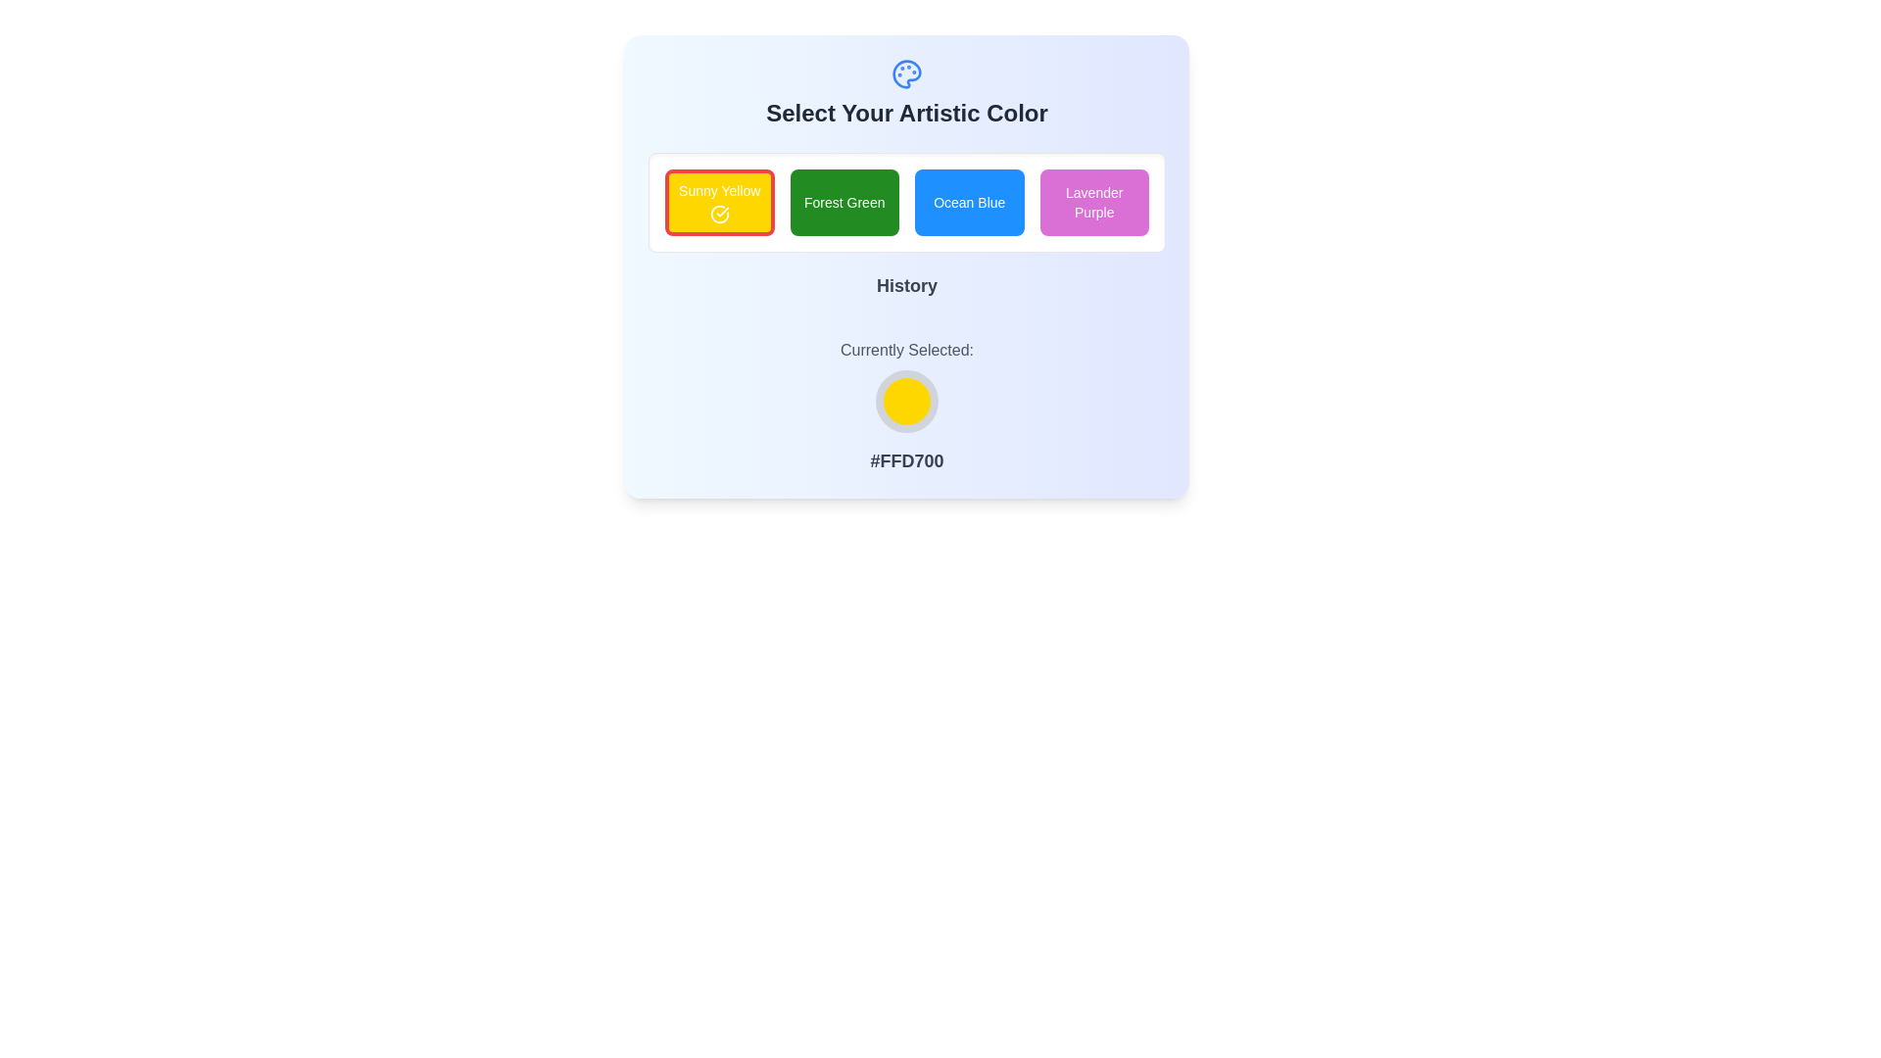  What do you see at coordinates (844, 203) in the screenshot?
I see `the green color label in the color selection menu, which indicates the color's name` at bounding box center [844, 203].